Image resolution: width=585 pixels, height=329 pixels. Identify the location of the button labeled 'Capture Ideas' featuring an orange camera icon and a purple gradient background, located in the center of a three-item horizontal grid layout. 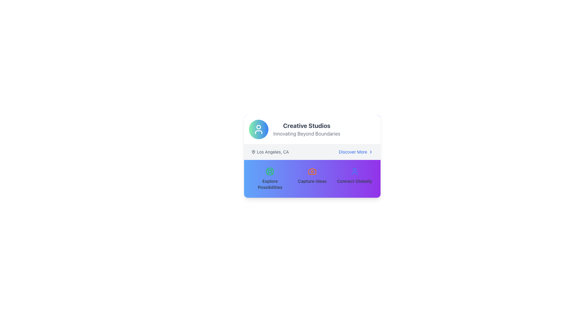
(312, 178).